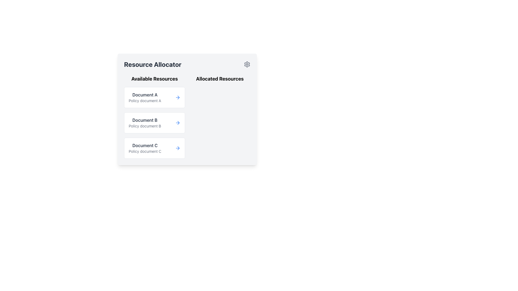 This screenshot has width=518, height=291. I want to click on the gray gear-like Settings Icon located in the top-right corner of the 'Resource Allocator' section, so click(247, 64).